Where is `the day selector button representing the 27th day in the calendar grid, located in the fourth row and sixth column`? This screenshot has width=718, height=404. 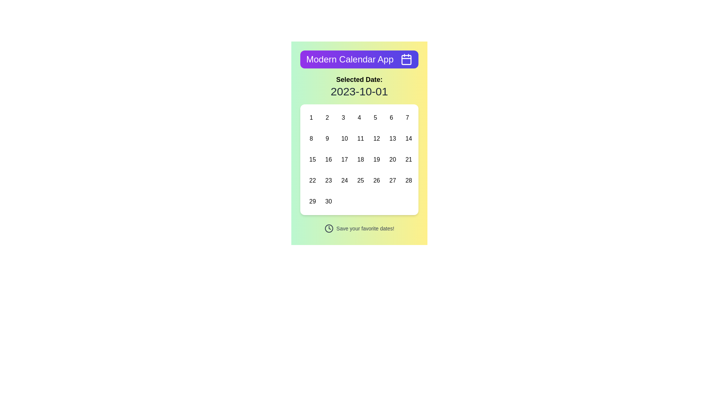 the day selector button representing the 27th day in the calendar grid, located in the fourth row and sixth column is located at coordinates (391, 180).